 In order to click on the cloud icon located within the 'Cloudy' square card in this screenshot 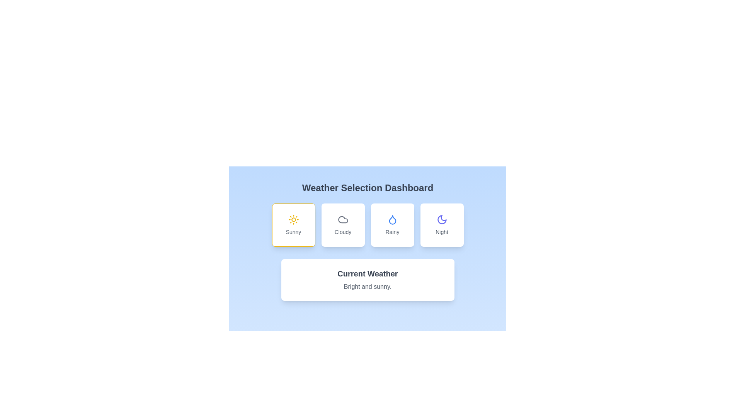, I will do `click(342, 220)`.